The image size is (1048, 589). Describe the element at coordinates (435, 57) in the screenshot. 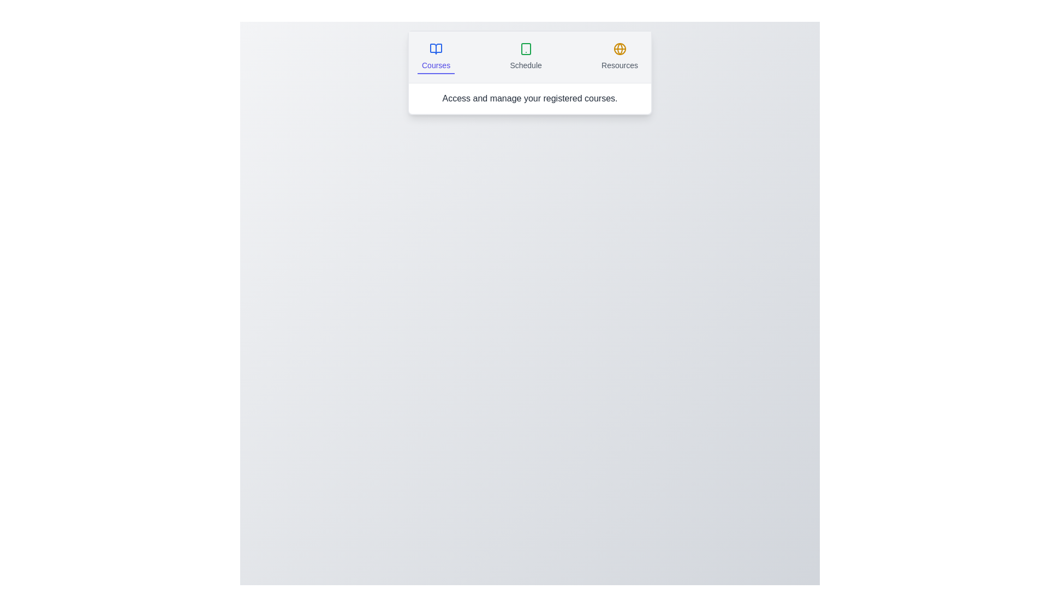

I see `the tab labeled Courses` at that location.